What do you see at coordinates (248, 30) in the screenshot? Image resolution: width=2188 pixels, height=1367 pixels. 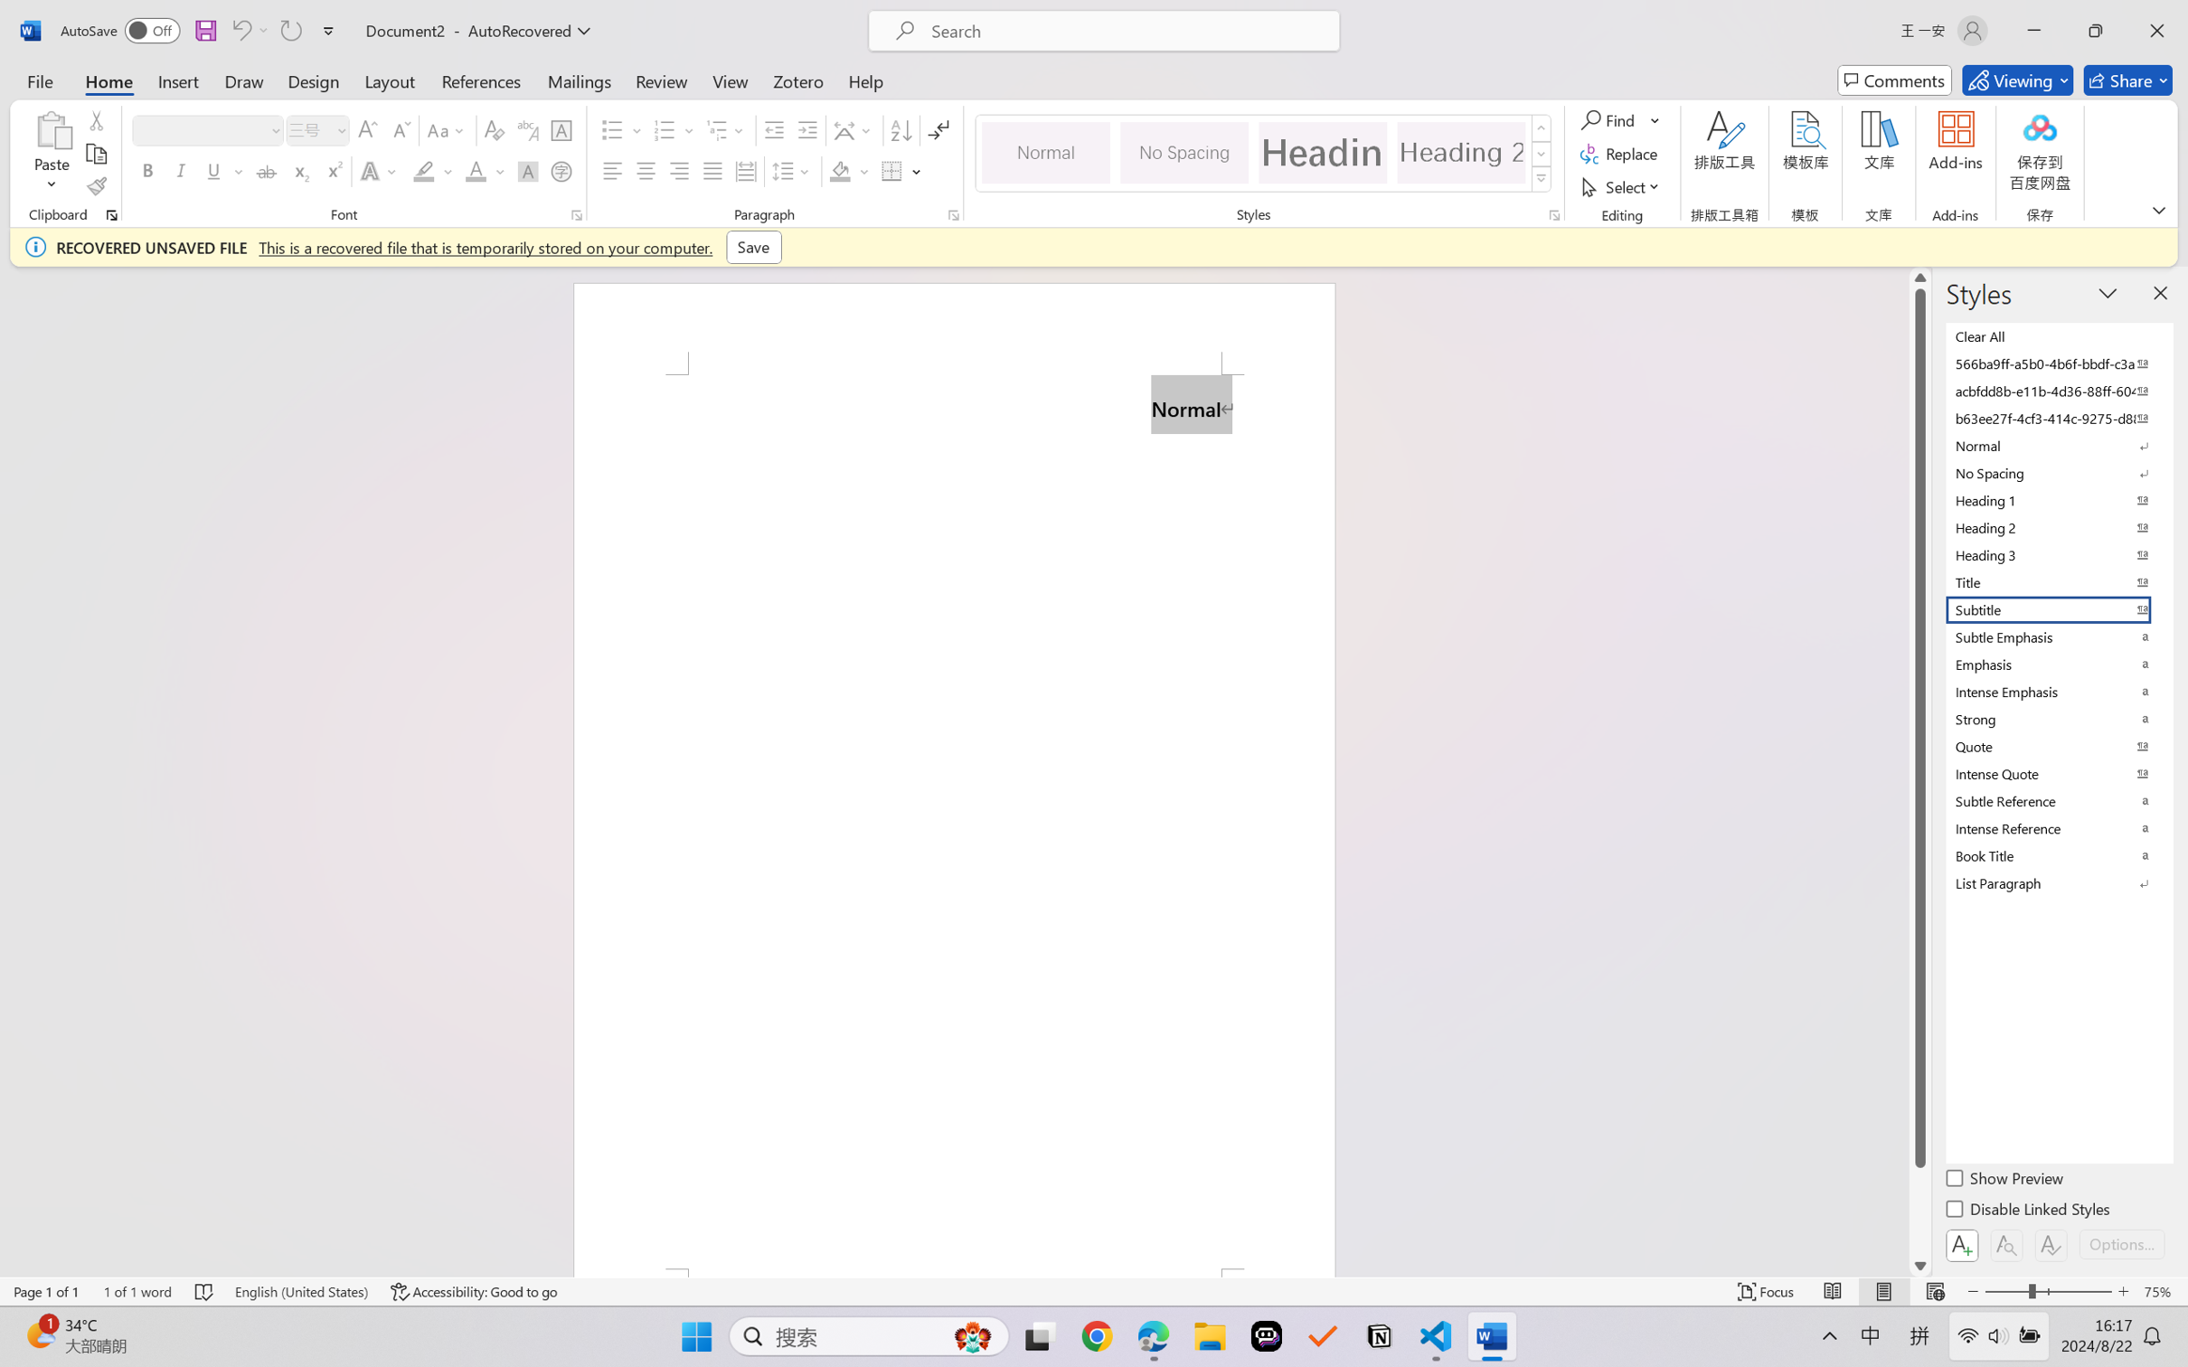 I see `'Can'` at bounding box center [248, 30].